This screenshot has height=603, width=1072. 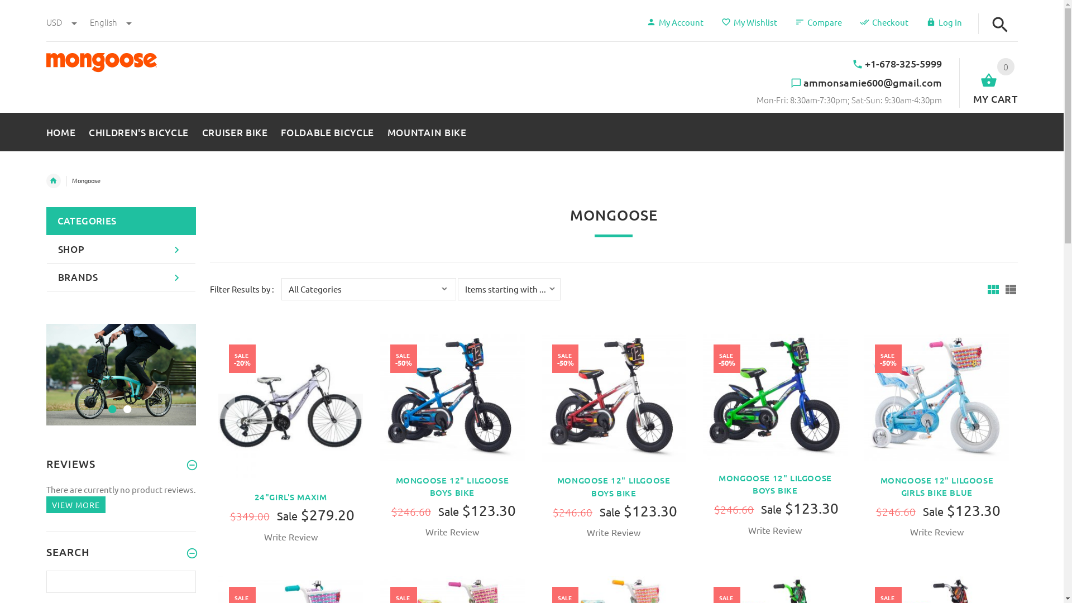 What do you see at coordinates (818, 22) in the screenshot?
I see `'Compare'` at bounding box center [818, 22].